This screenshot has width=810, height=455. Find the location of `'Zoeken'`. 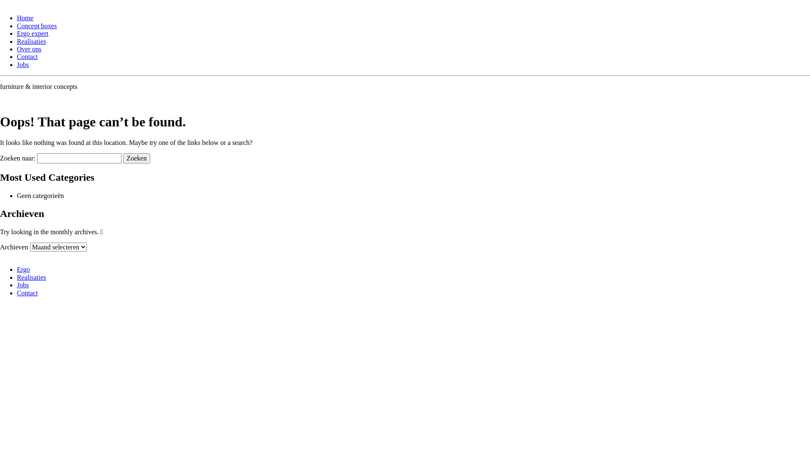

'Zoeken' is located at coordinates (137, 158).